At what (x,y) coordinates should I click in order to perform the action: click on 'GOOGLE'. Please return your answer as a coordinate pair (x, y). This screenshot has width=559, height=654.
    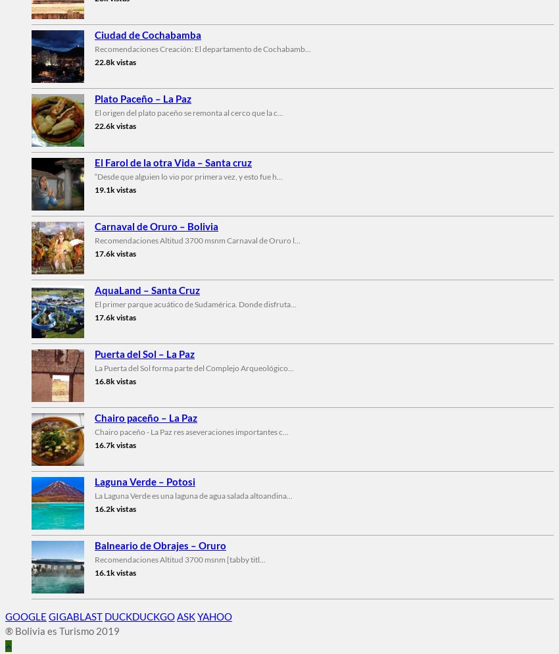
    Looking at the image, I should click on (25, 615).